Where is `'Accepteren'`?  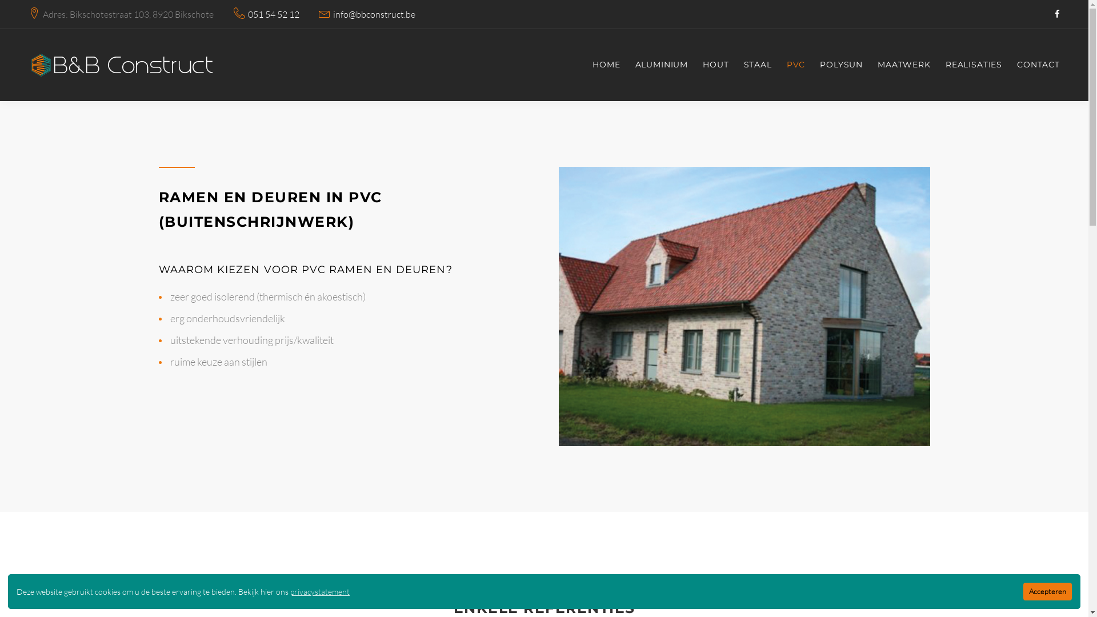
'Accepteren' is located at coordinates (1047, 591).